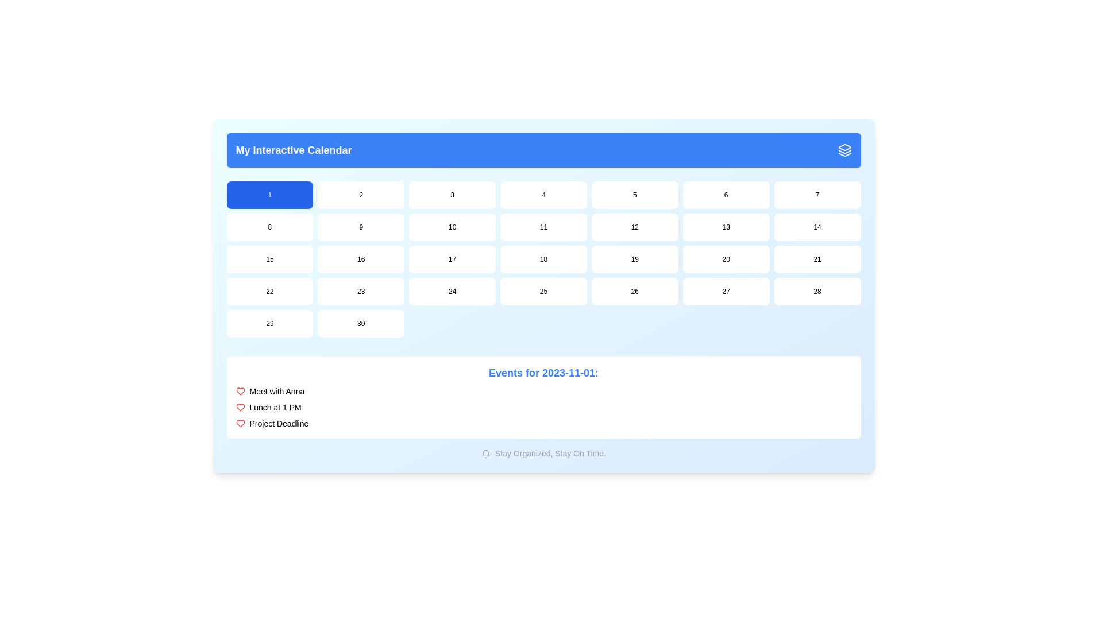 The image size is (1103, 620). I want to click on the small heart-shaped Decorative Icon outlined in red, which is positioned to the left of the text 'Project Deadline', to note its symbolic representation, so click(240, 423).